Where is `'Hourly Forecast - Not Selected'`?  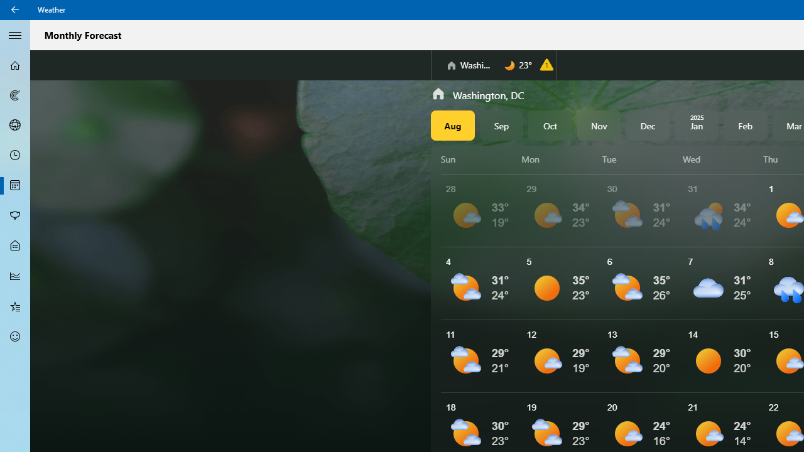
'Hourly Forecast - Not Selected' is located at coordinates (15, 155).